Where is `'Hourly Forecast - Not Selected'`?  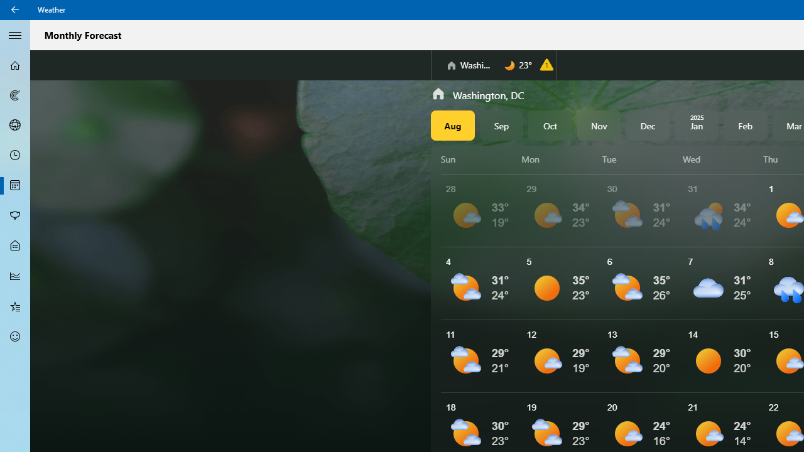
'Hourly Forecast - Not Selected' is located at coordinates (15, 155).